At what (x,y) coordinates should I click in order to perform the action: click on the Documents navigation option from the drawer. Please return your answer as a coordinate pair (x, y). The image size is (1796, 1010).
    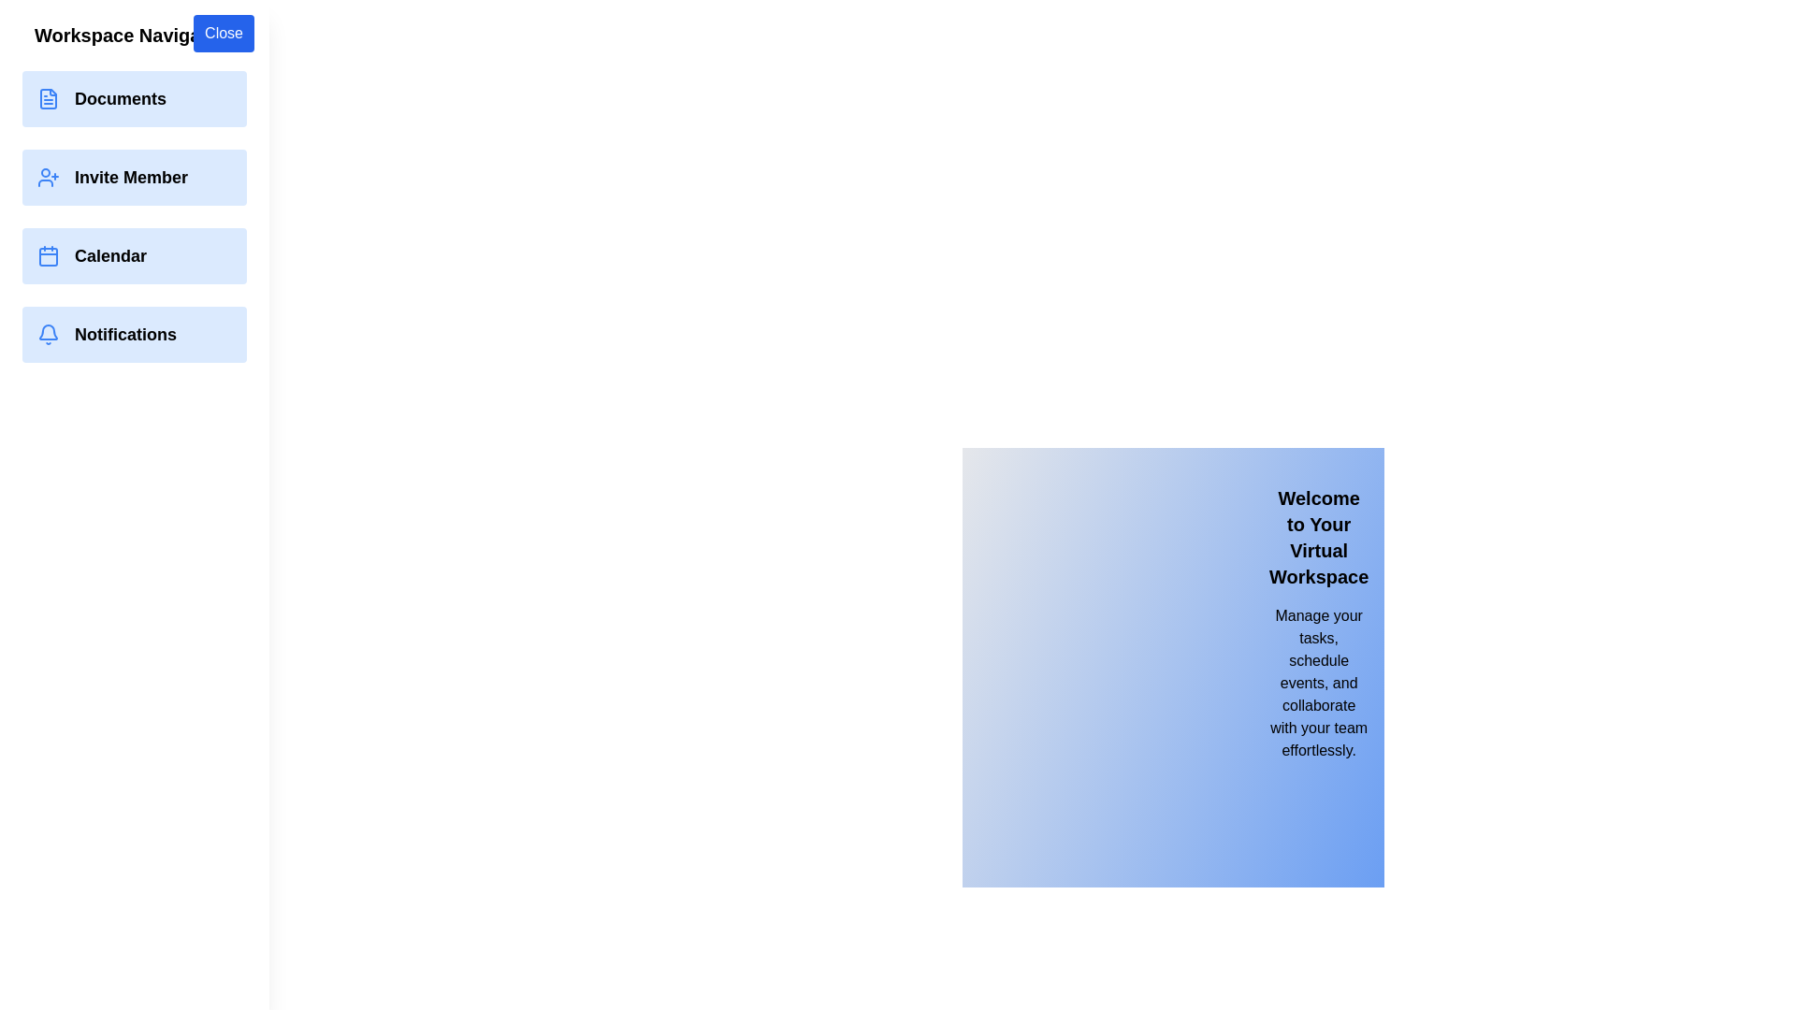
    Looking at the image, I should click on (134, 98).